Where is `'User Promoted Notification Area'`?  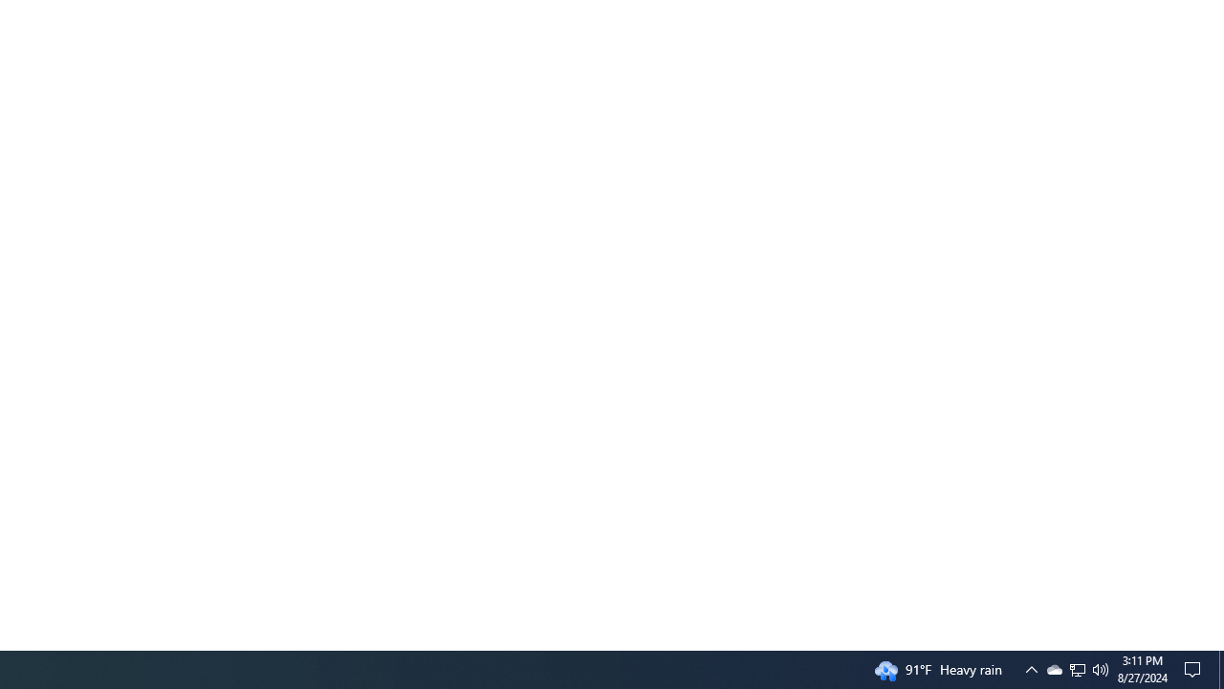 'User Promoted Notification Area' is located at coordinates (1078, 668).